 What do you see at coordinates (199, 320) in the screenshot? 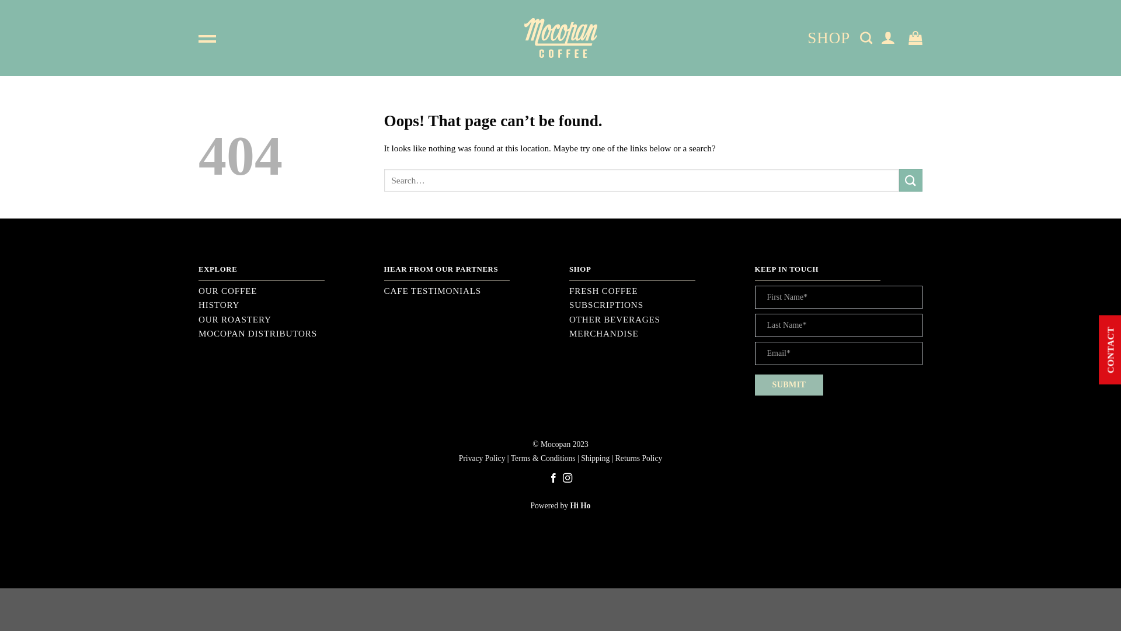
I see `'OUR ROASTERY'` at bounding box center [199, 320].